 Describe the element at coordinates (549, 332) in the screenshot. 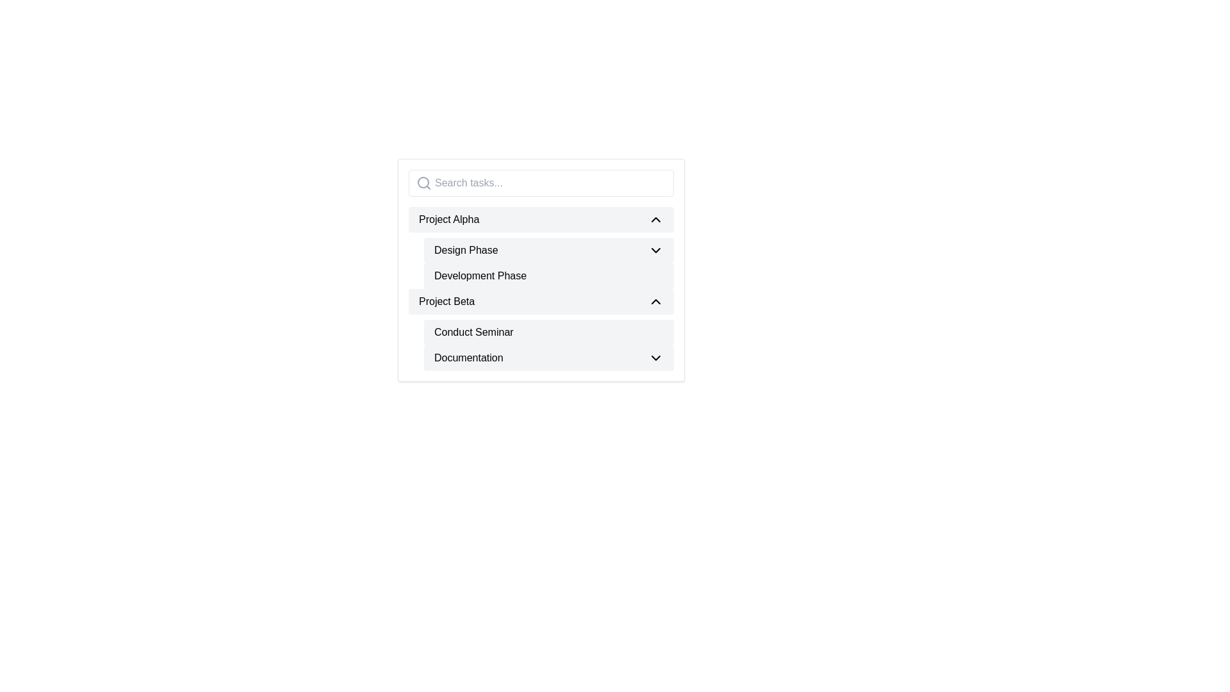

I see `the List Item labeled 'Conduct Seminar', which is the first entry under the 'Project Beta' category` at that location.